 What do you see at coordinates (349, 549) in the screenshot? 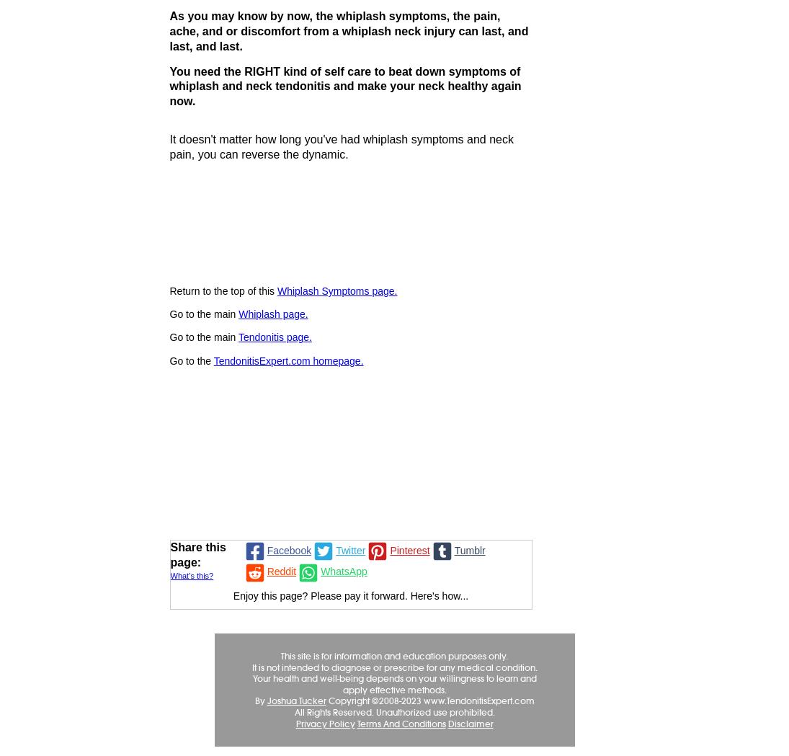
I see `'Twitter'` at bounding box center [349, 549].